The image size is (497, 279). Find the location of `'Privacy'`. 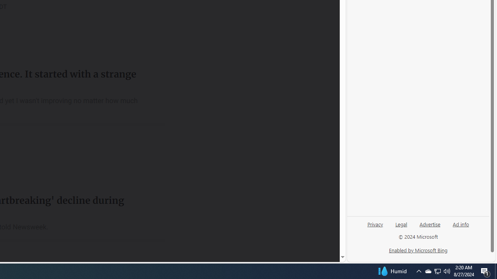

'Privacy' is located at coordinates (375, 224).